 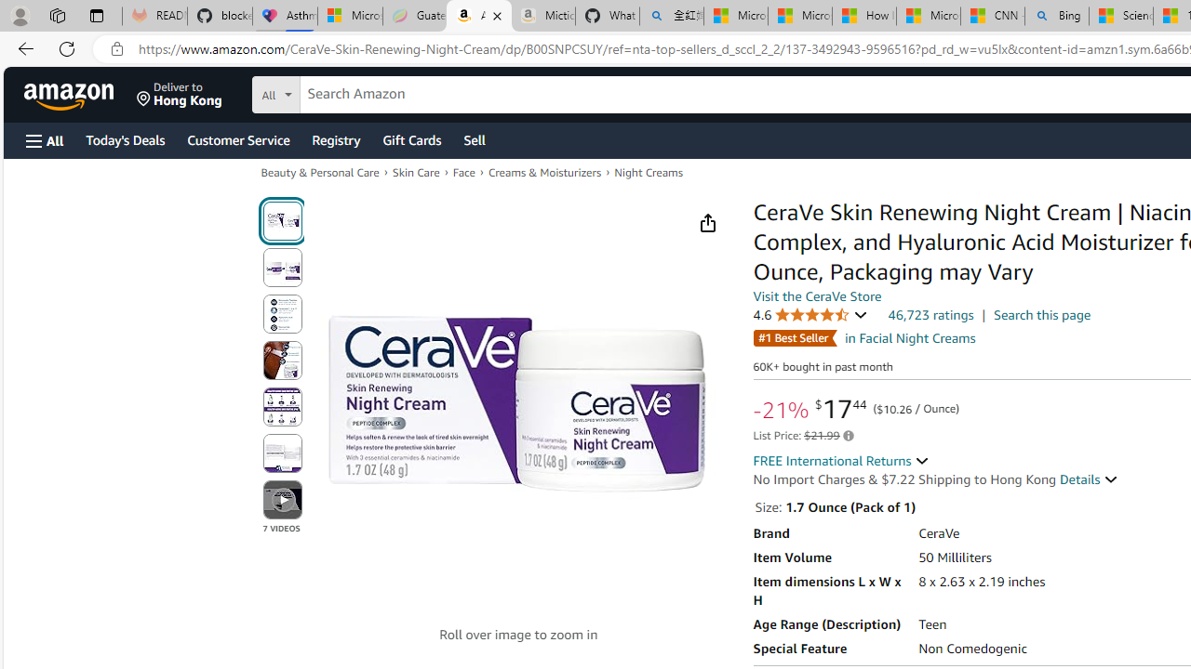 I want to click on 'Science - MSN', so click(x=1120, y=16).